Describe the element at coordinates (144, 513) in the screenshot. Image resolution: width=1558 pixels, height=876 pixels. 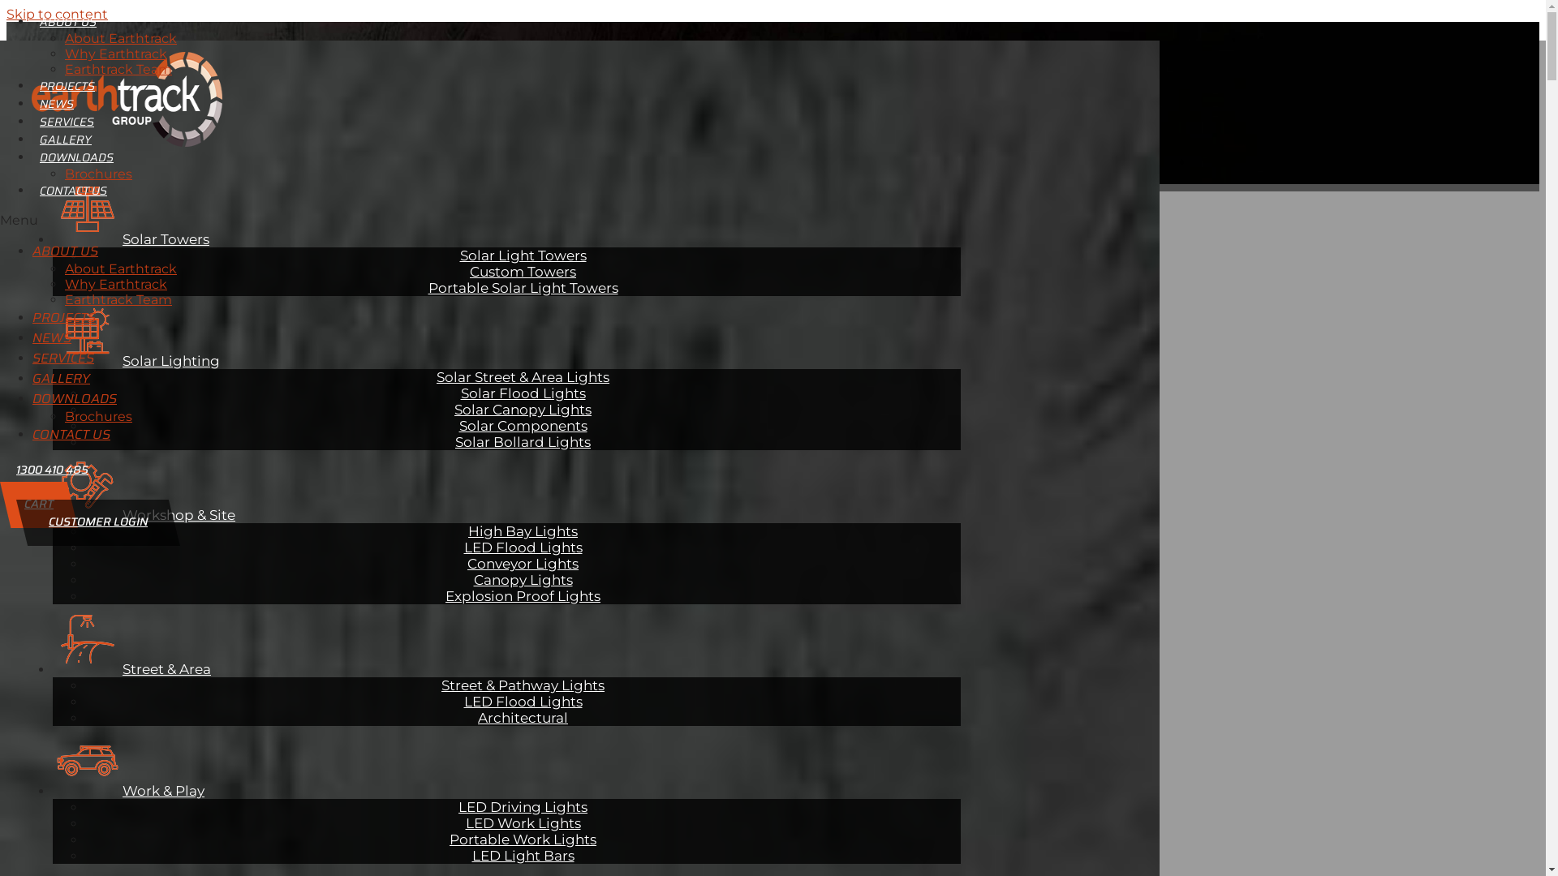
I see `'Workshop & Site'` at that location.